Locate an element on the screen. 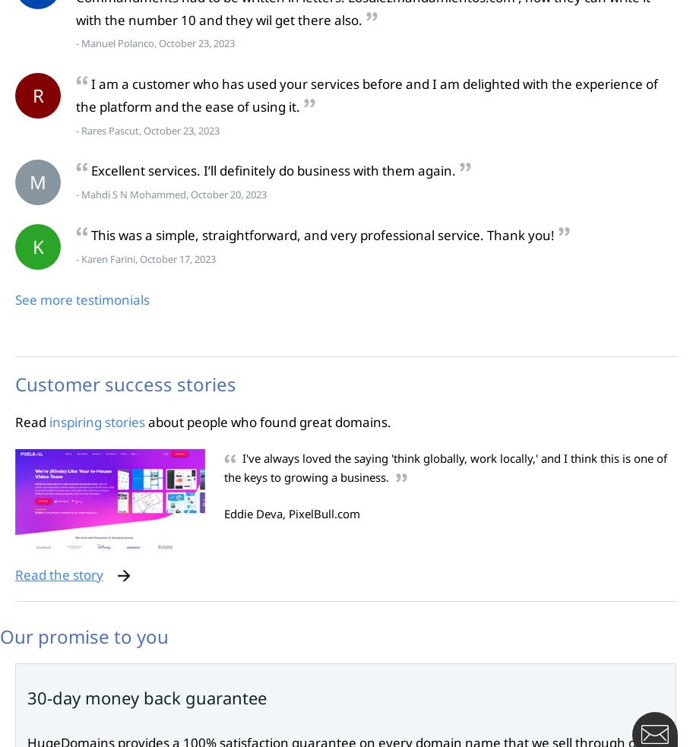 The image size is (693, 747). '30-day money back guarantee' is located at coordinates (146, 698).